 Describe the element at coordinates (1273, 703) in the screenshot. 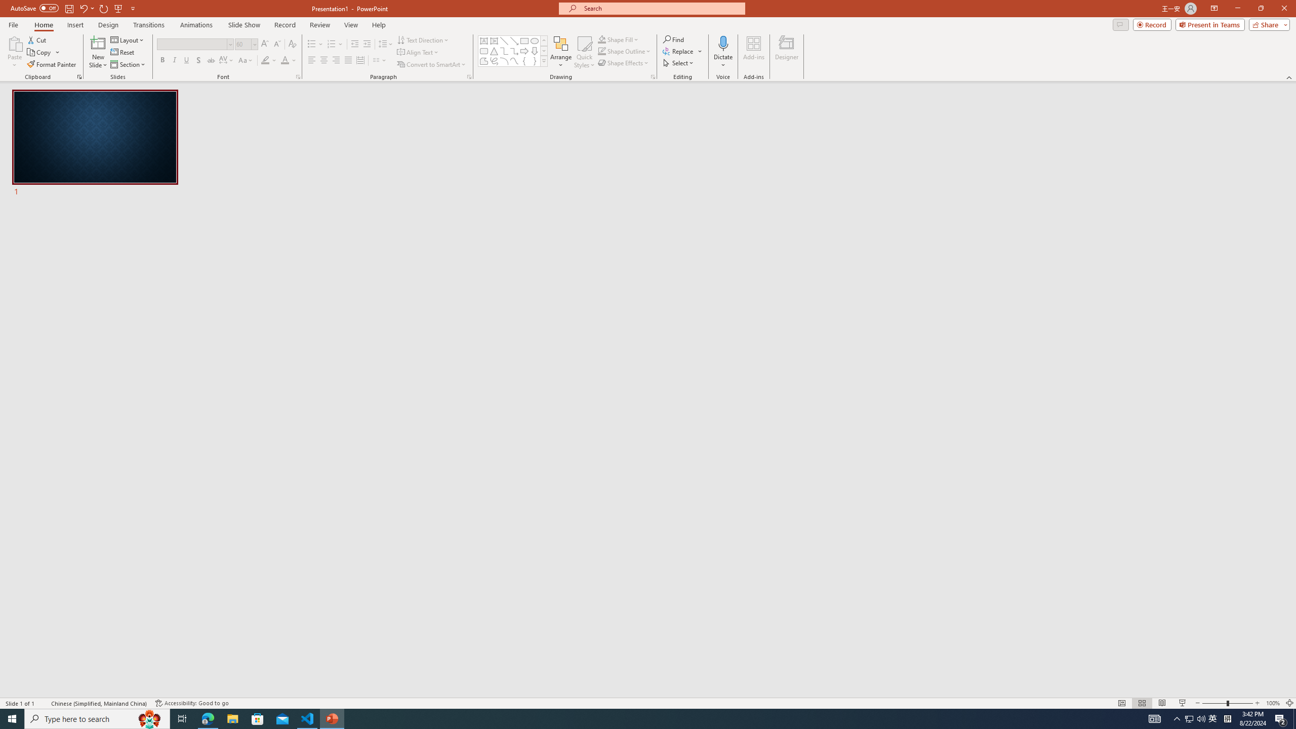

I see `'Zoom 100%'` at that location.